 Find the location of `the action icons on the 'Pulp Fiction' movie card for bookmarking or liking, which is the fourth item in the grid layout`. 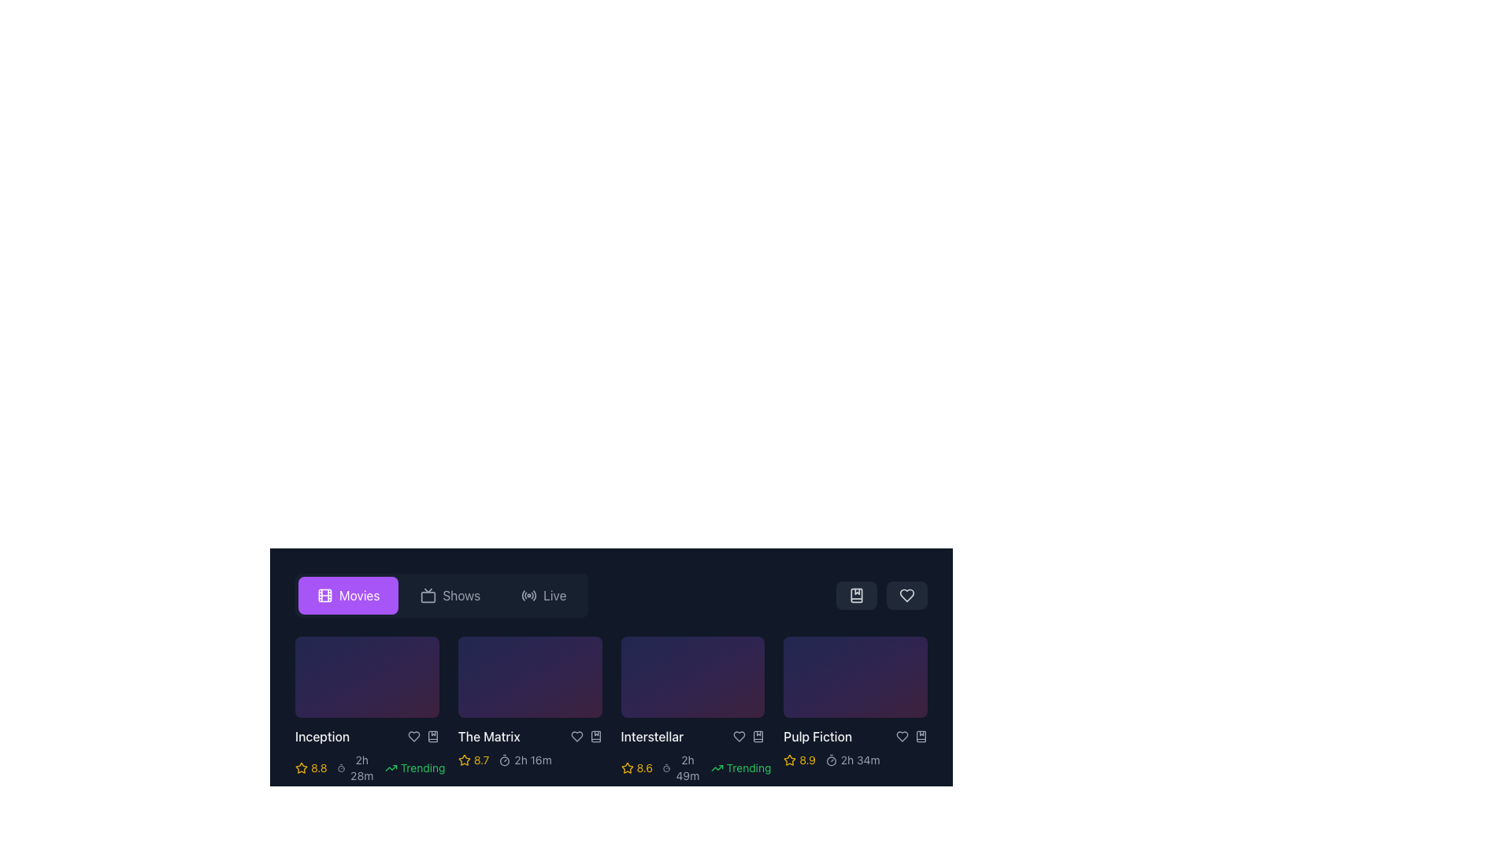

the action icons on the 'Pulp Fiction' movie card for bookmarking or liking, which is the fourth item in the grid layout is located at coordinates (854, 710).